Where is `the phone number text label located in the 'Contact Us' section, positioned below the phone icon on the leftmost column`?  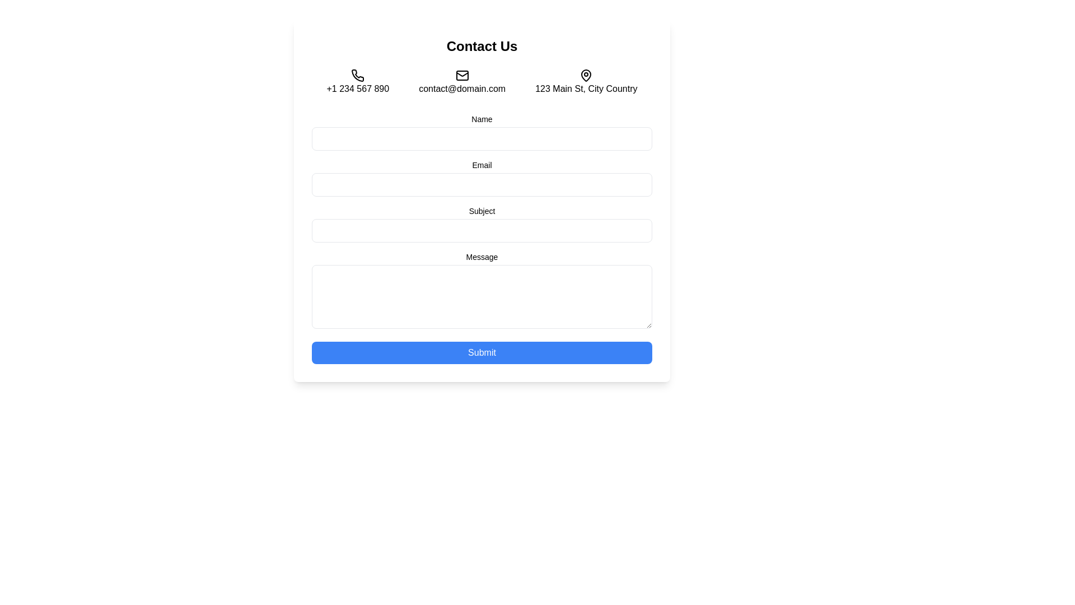
the phone number text label located in the 'Contact Us' section, positioned below the phone icon on the leftmost column is located at coordinates (357, 88).